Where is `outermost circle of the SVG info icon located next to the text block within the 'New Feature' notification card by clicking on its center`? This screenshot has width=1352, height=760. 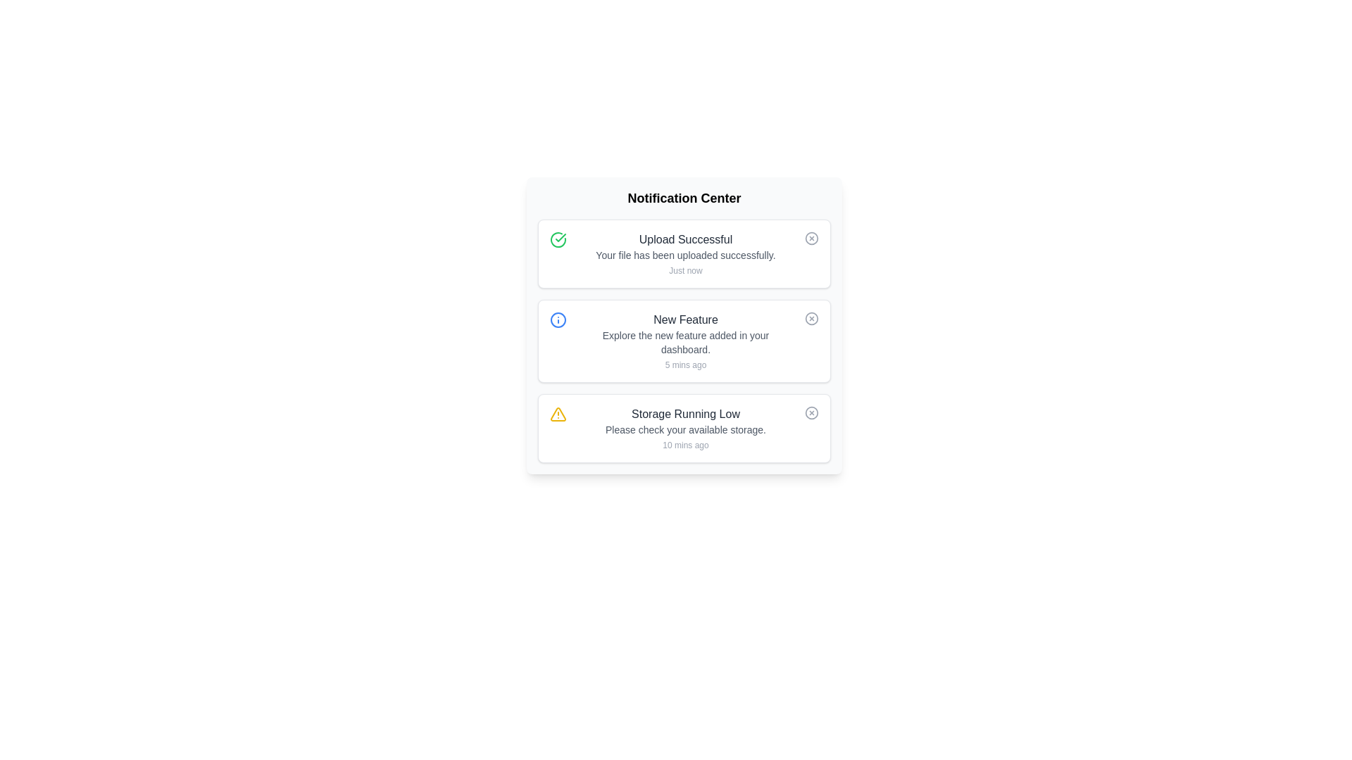 outermost circle of the SVG info icon located next to the text block within the 'New Feature' notification card by clicking on its center is located at coordinates (557, 320).